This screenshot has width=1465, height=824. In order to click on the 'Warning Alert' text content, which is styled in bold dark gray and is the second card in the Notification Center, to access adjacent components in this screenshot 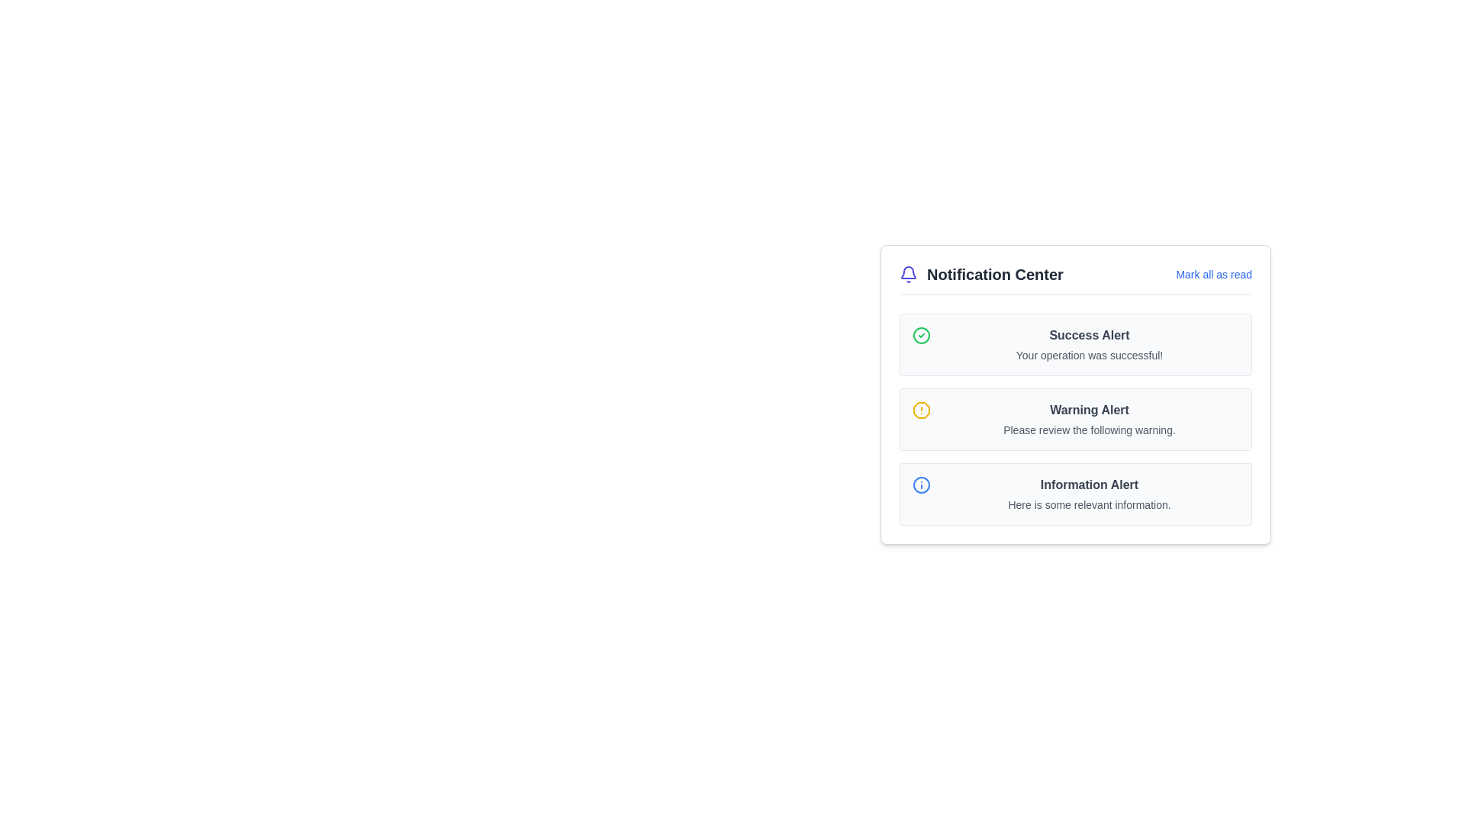, I will do `click(1089, 420)`.